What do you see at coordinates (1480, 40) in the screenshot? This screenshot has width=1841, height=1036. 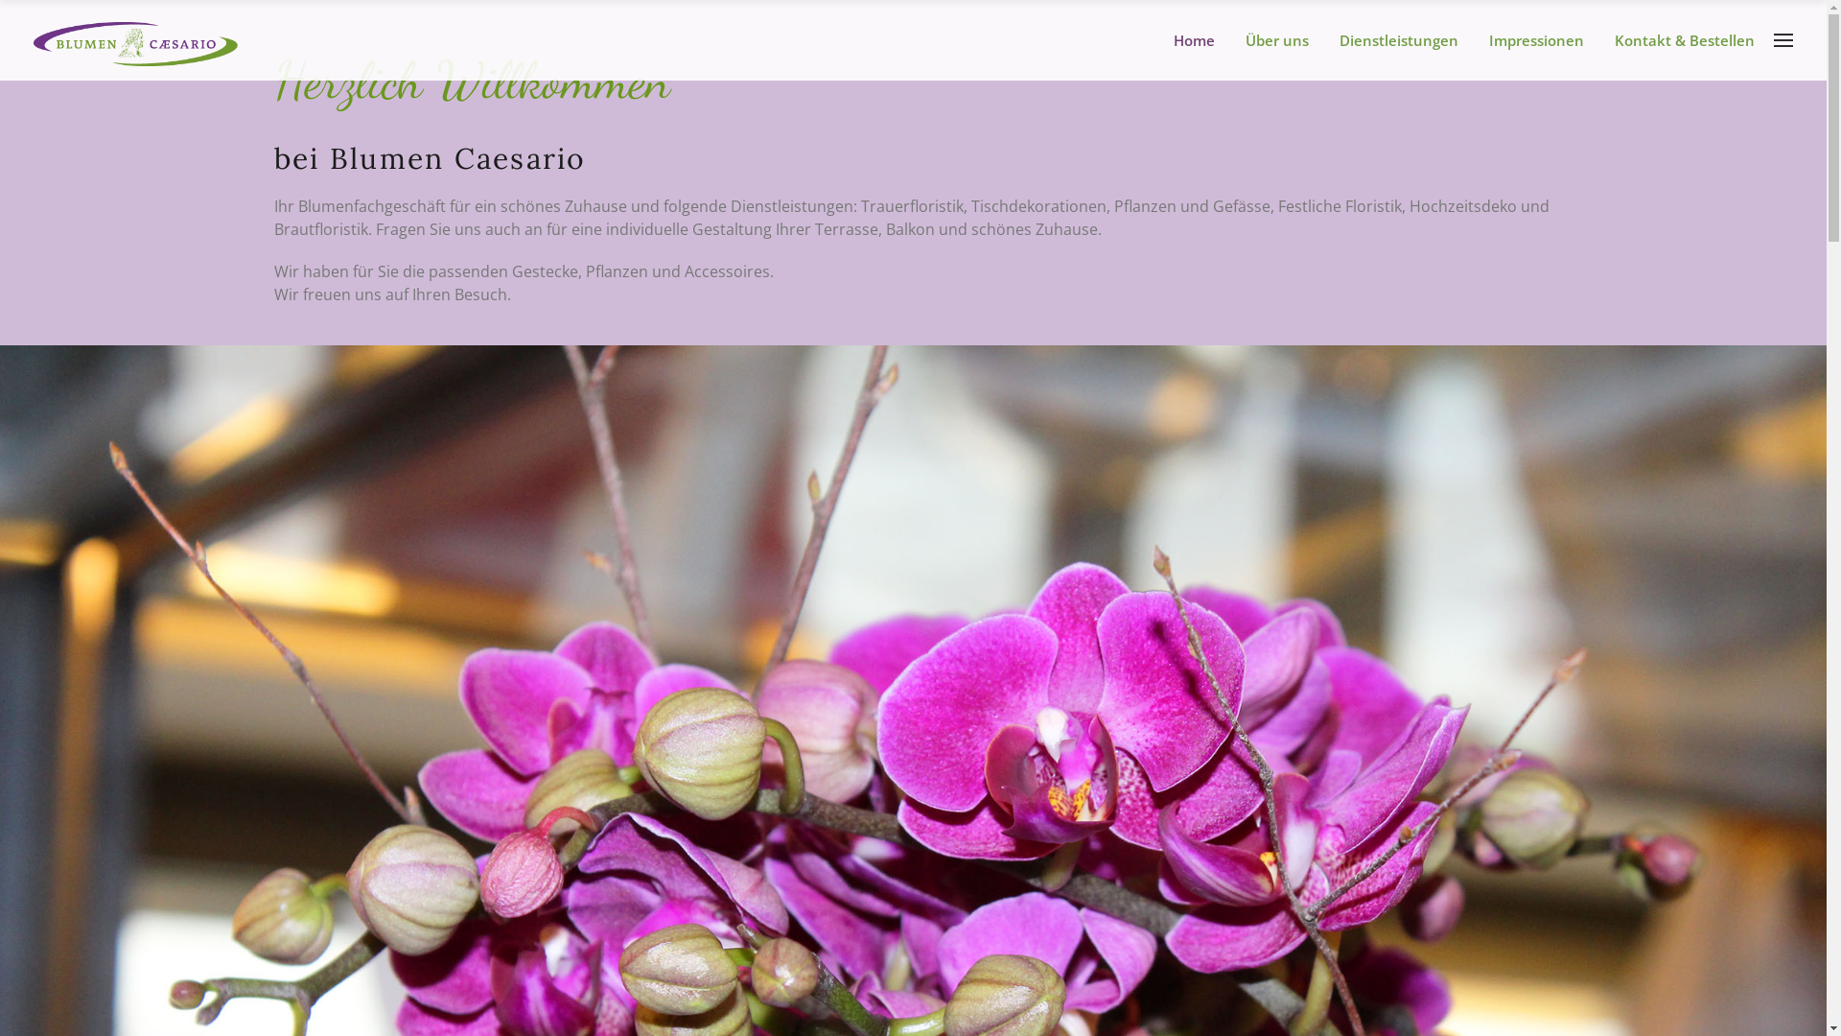 I see `'Impressionen'` at bounding box center [1480, 40].